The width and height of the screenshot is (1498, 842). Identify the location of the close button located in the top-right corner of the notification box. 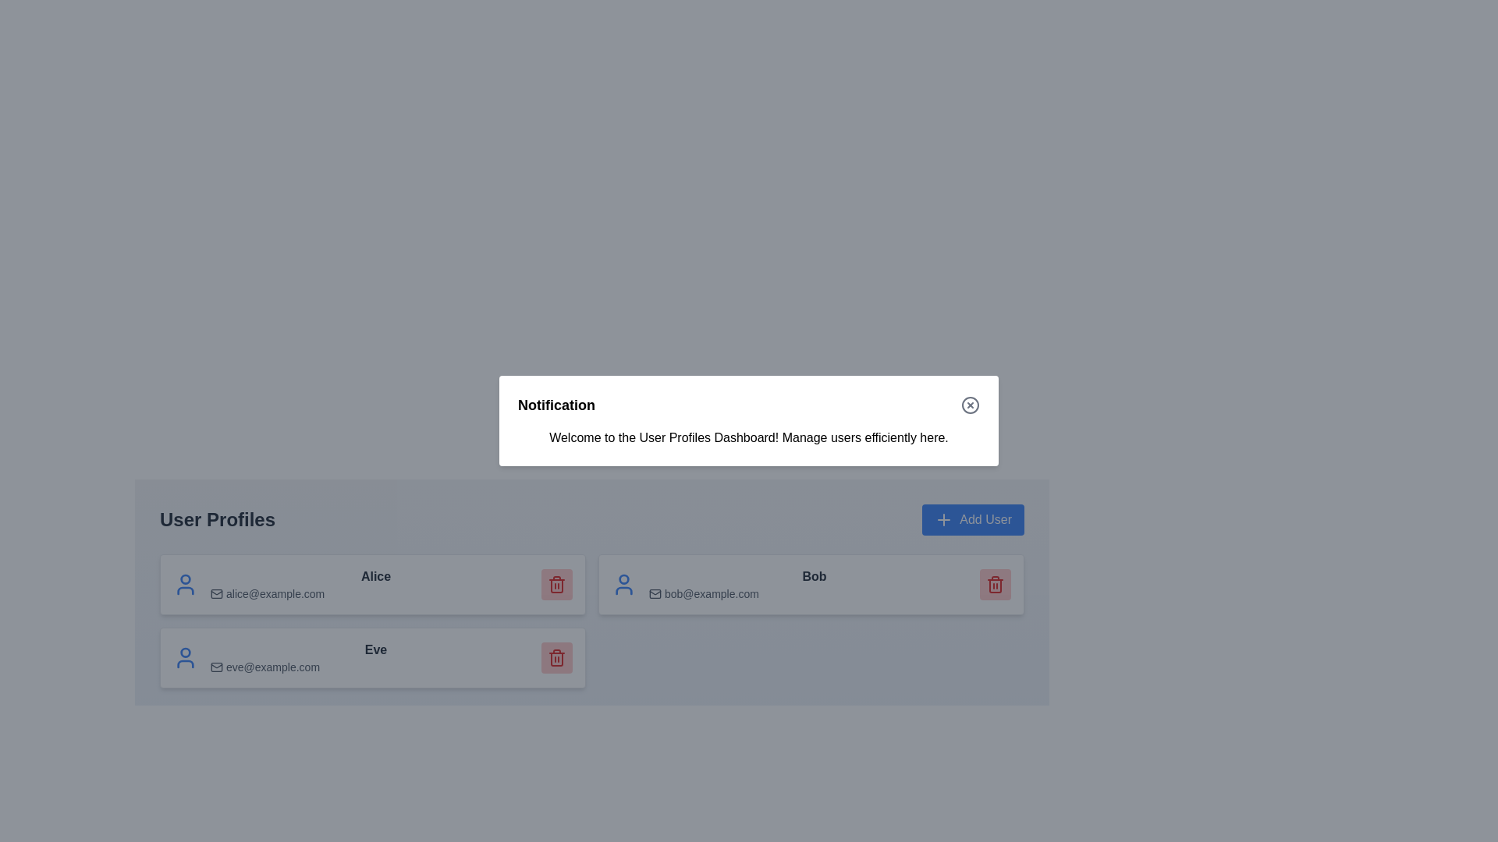
(969, 405).